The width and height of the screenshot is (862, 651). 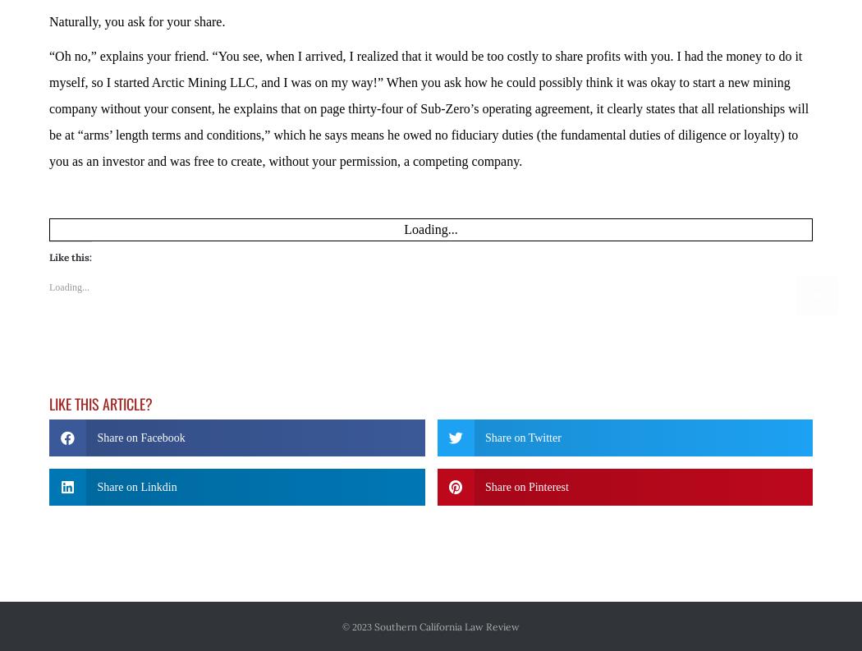 What do you see at coordinates (356, 580) in the screenshot?
I see `'© 2023'` at bounding box center [356, 580].